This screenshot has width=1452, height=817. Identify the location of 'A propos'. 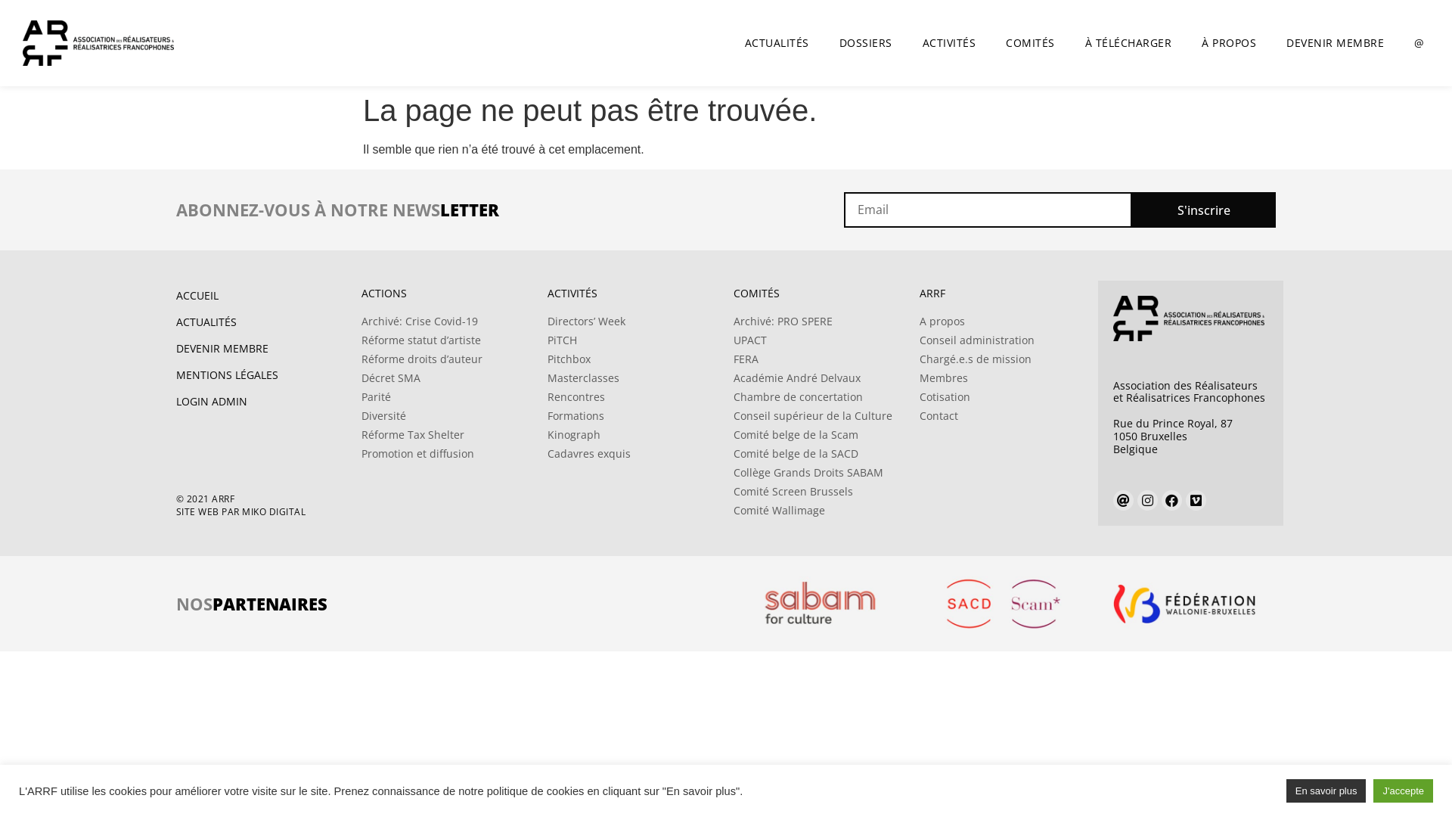
(1005, 320).